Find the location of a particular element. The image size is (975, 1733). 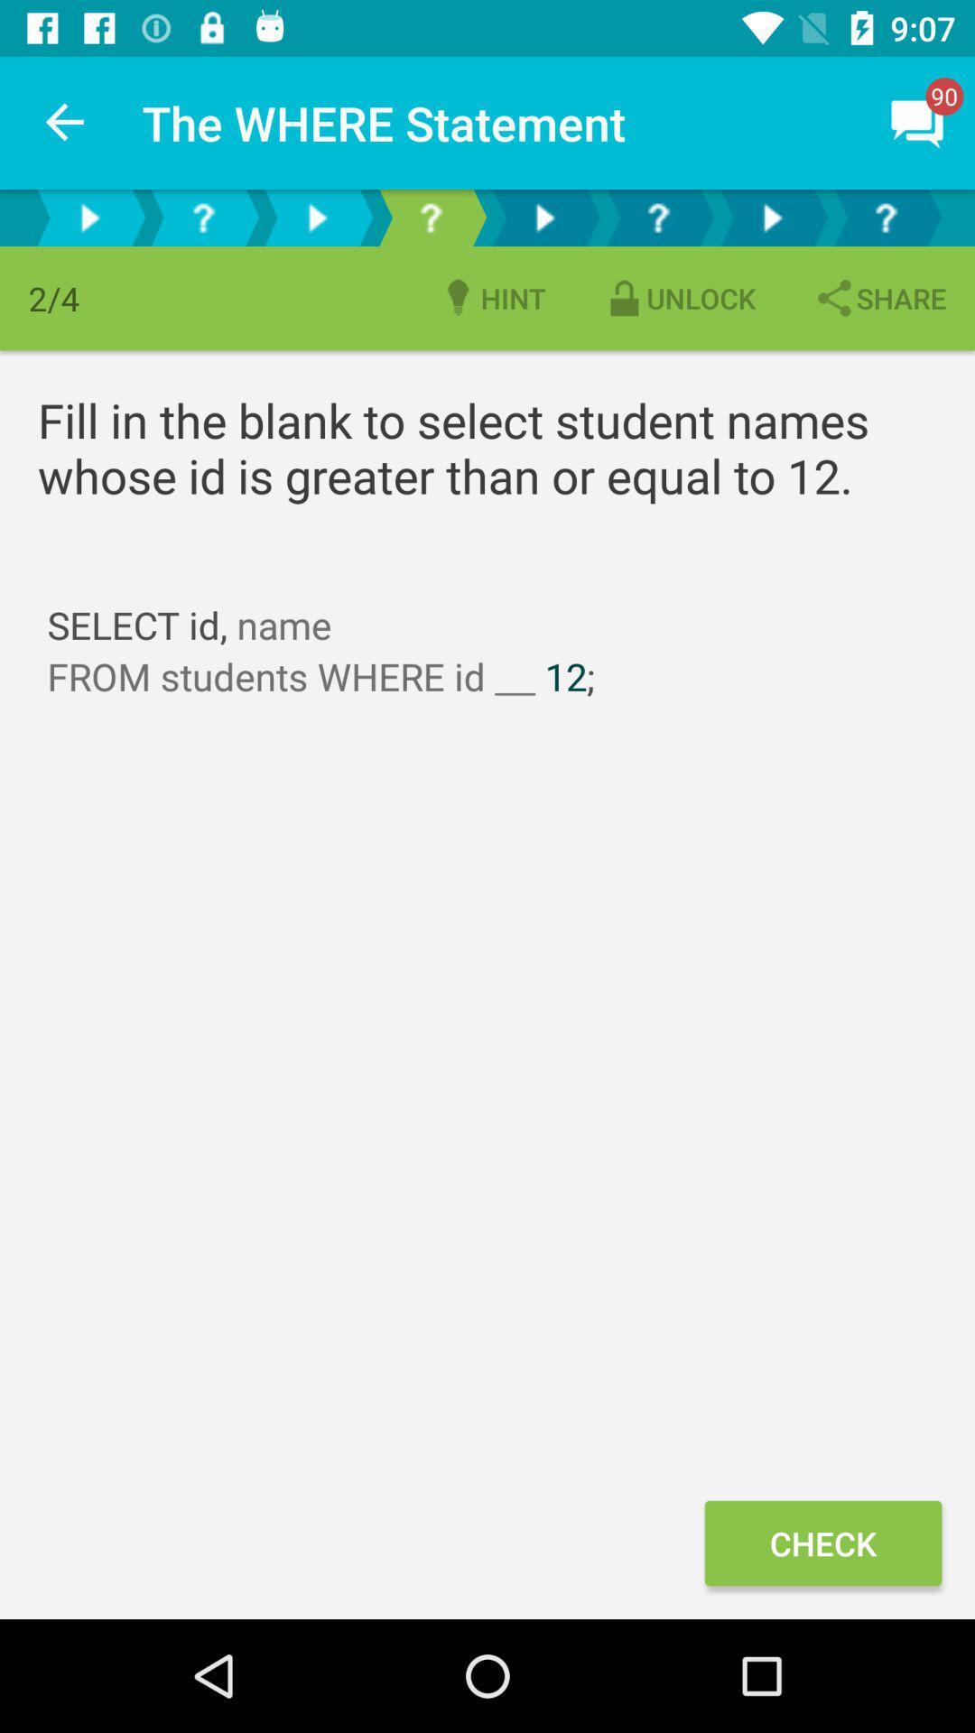

the help icon is located at coordinates (658, 217).